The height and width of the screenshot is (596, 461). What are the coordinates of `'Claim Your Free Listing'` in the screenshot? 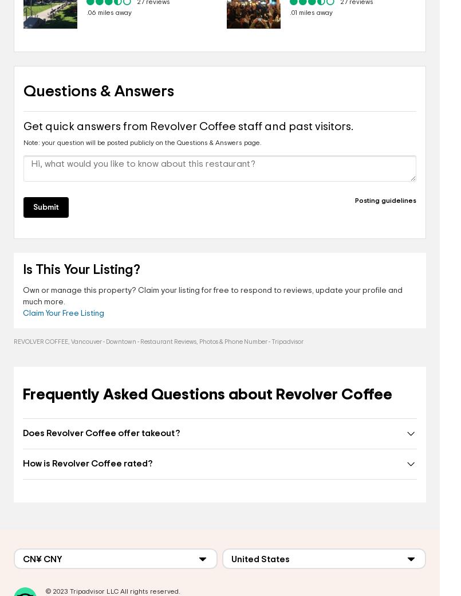 It's located at (63, 313).